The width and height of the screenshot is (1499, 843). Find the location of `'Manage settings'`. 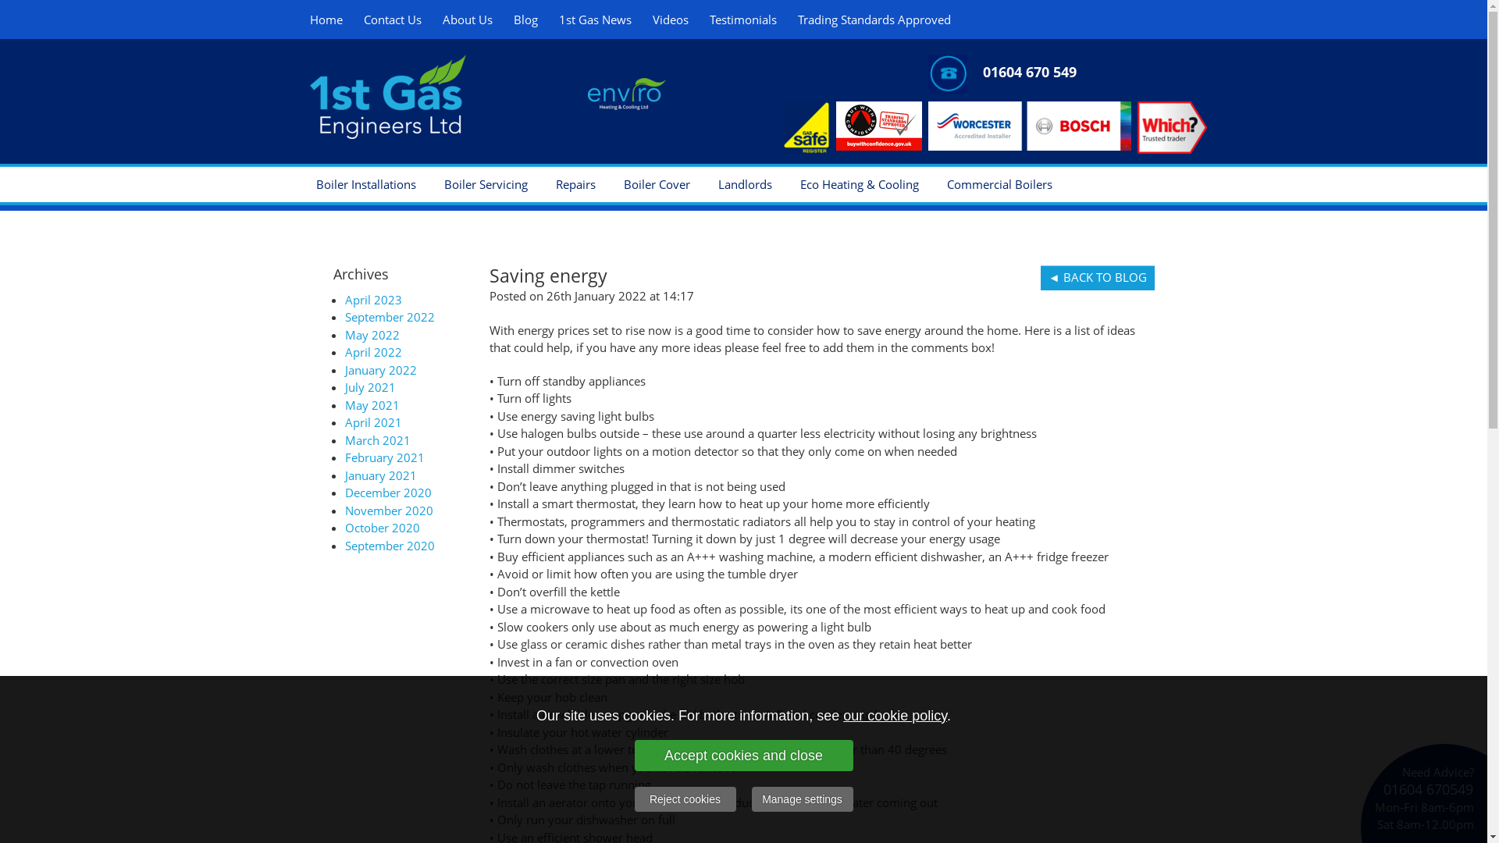

'Manage settings' is located at coordinates (802, 799).